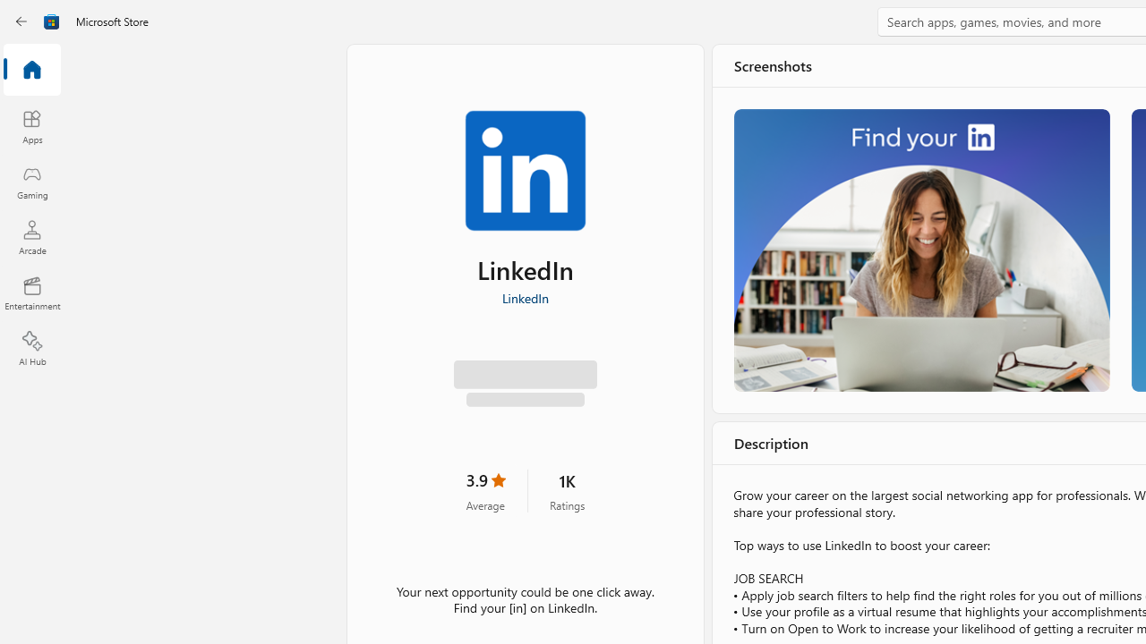 This screenshot has height=644, width=1146. What do you see at coordinates (31, 125) in the screenshot?
I see `'Apps'` at bounding box center [31, 125].